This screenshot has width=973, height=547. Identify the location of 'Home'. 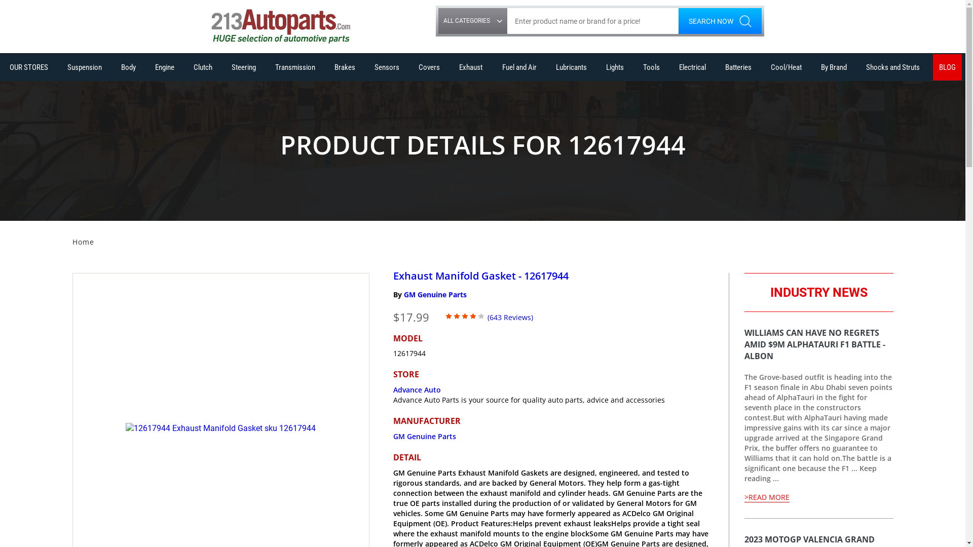
(71, 242).